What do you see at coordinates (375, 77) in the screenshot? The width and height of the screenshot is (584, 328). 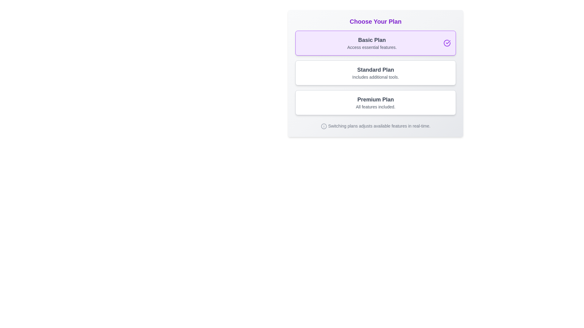 I see `the text label providing descriptive information about the 'Standard Plan' option, which is located beneath the heading 'Standard Plan' in the second card of the plan options` at bounding box center [375, 77].